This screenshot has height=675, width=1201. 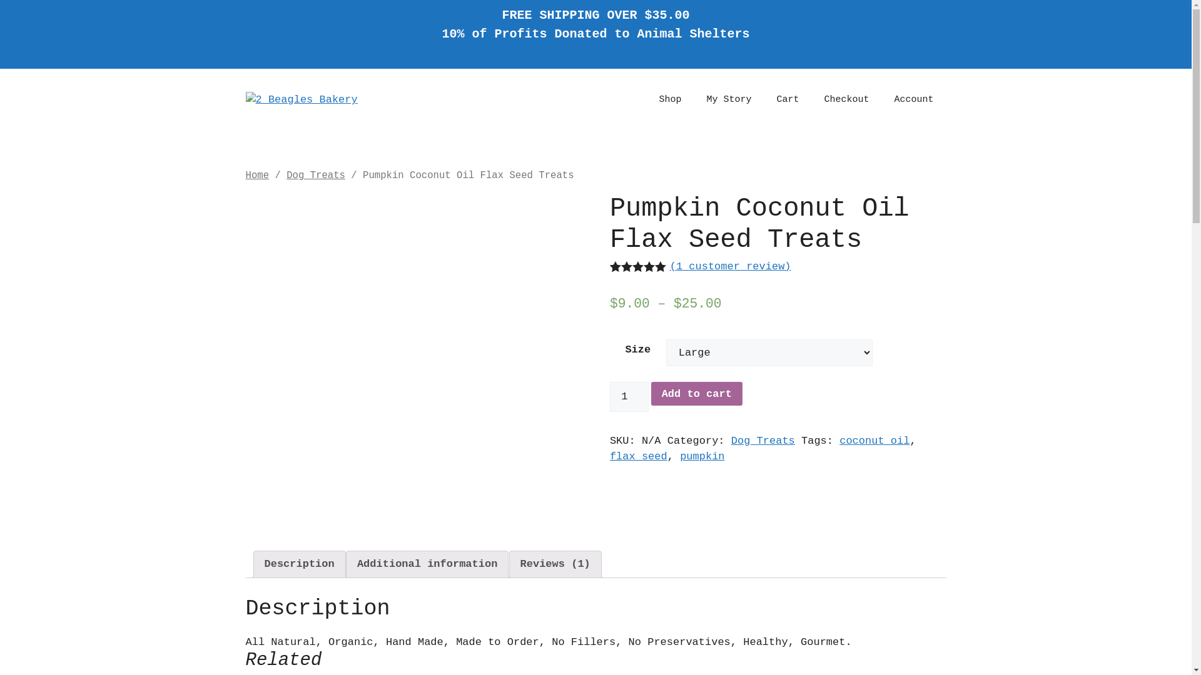 What do you see at coordinates (913, 99) in the screenshot?
I see `'Account'` at bounding box center [913, 99].